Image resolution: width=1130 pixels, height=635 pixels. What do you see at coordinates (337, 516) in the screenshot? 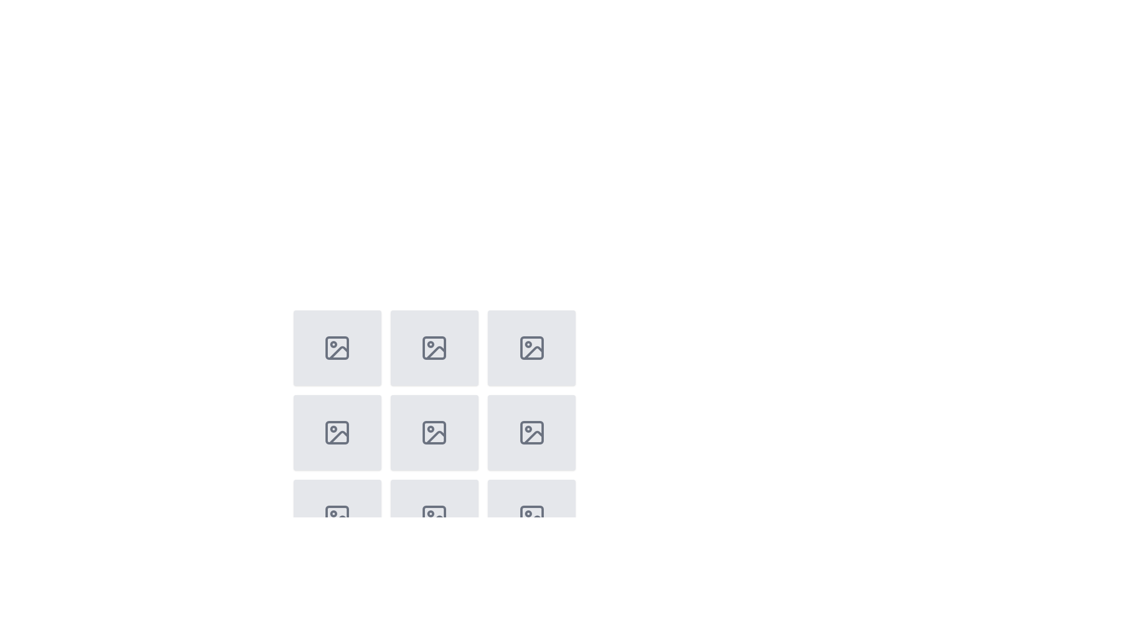
I see `the gray picture frame icon in the bottom right corner of the 3x3 grid layout` at bounding box center [337, 516].